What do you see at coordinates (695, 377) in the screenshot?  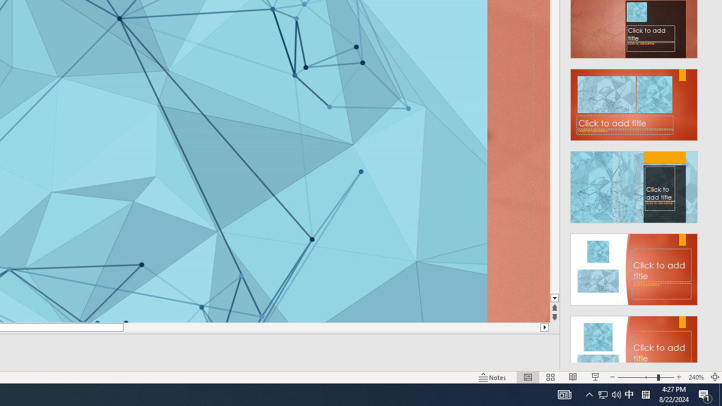 I see `'Zoom 240%'` at bounding box center [695, 377].